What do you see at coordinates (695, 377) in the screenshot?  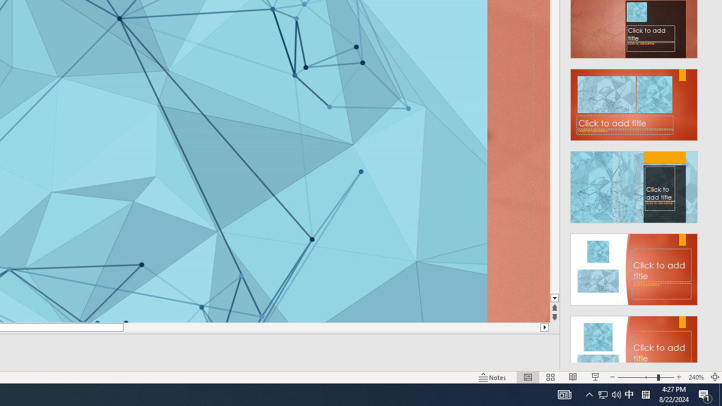 I see `'Zoom 240%'` at bounding box center [695, 377].